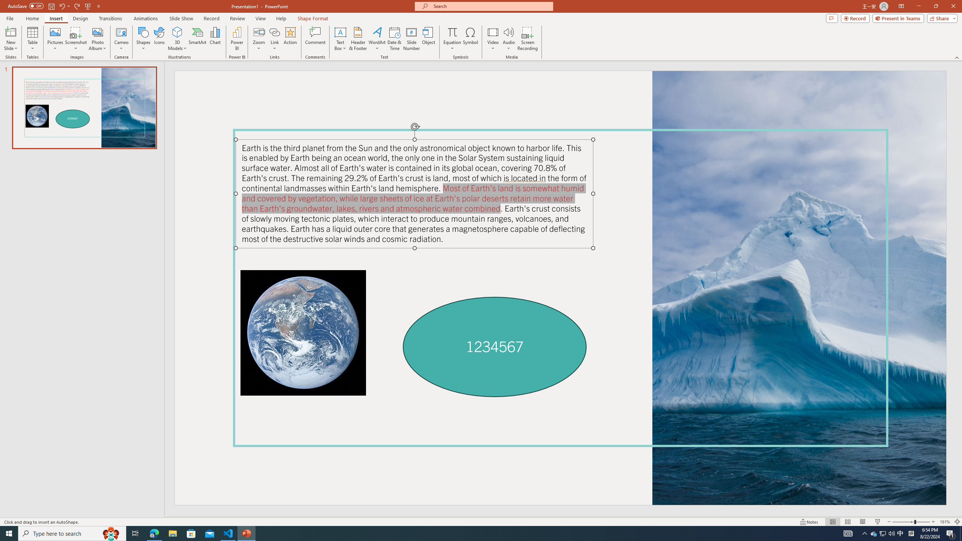  I want to click on 'Equation', so click(452, 39).